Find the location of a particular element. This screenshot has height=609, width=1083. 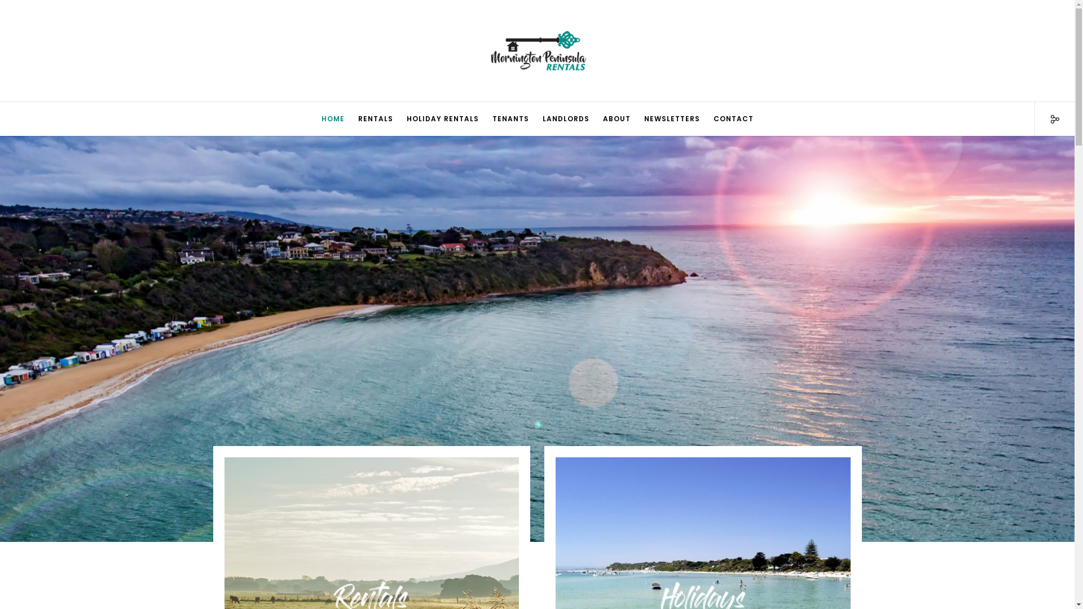

'HOME' is located at coordinates (332, 119).